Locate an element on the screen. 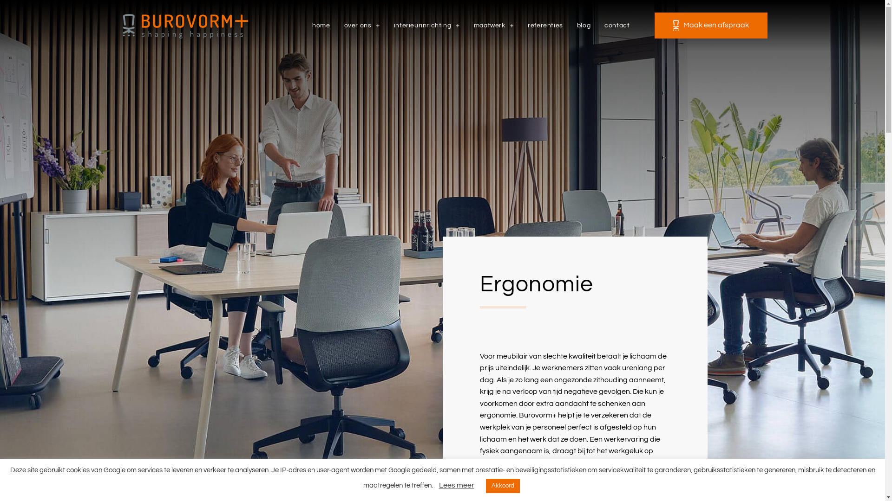  'blog' is located at coordinates (583, 25).